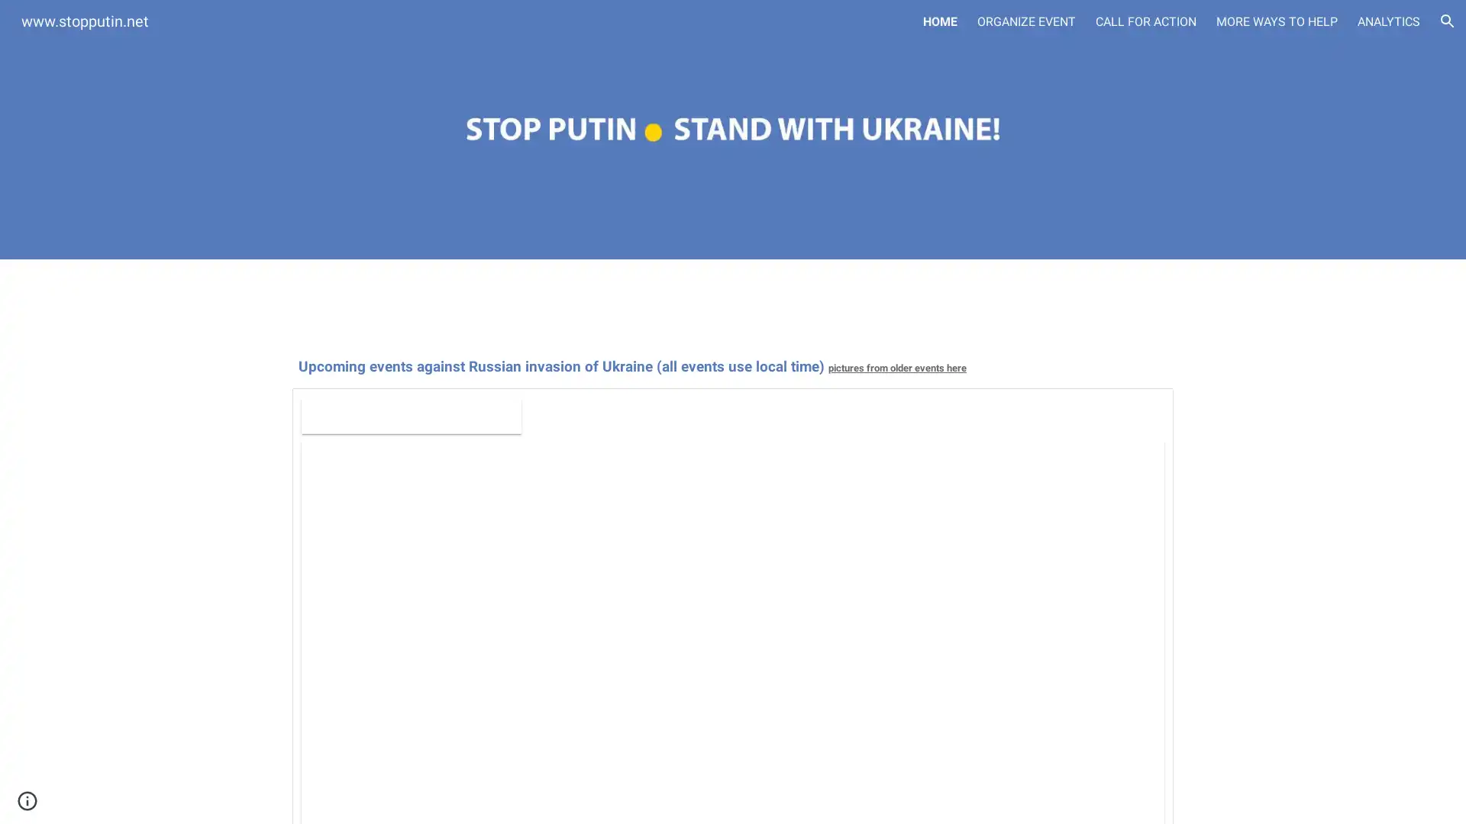 Image resolution: width=1466 pixels, height=824 pixels. Describe the element at coordinates (601, 28) in the screenshot. I see `Skip to main content` at that location.